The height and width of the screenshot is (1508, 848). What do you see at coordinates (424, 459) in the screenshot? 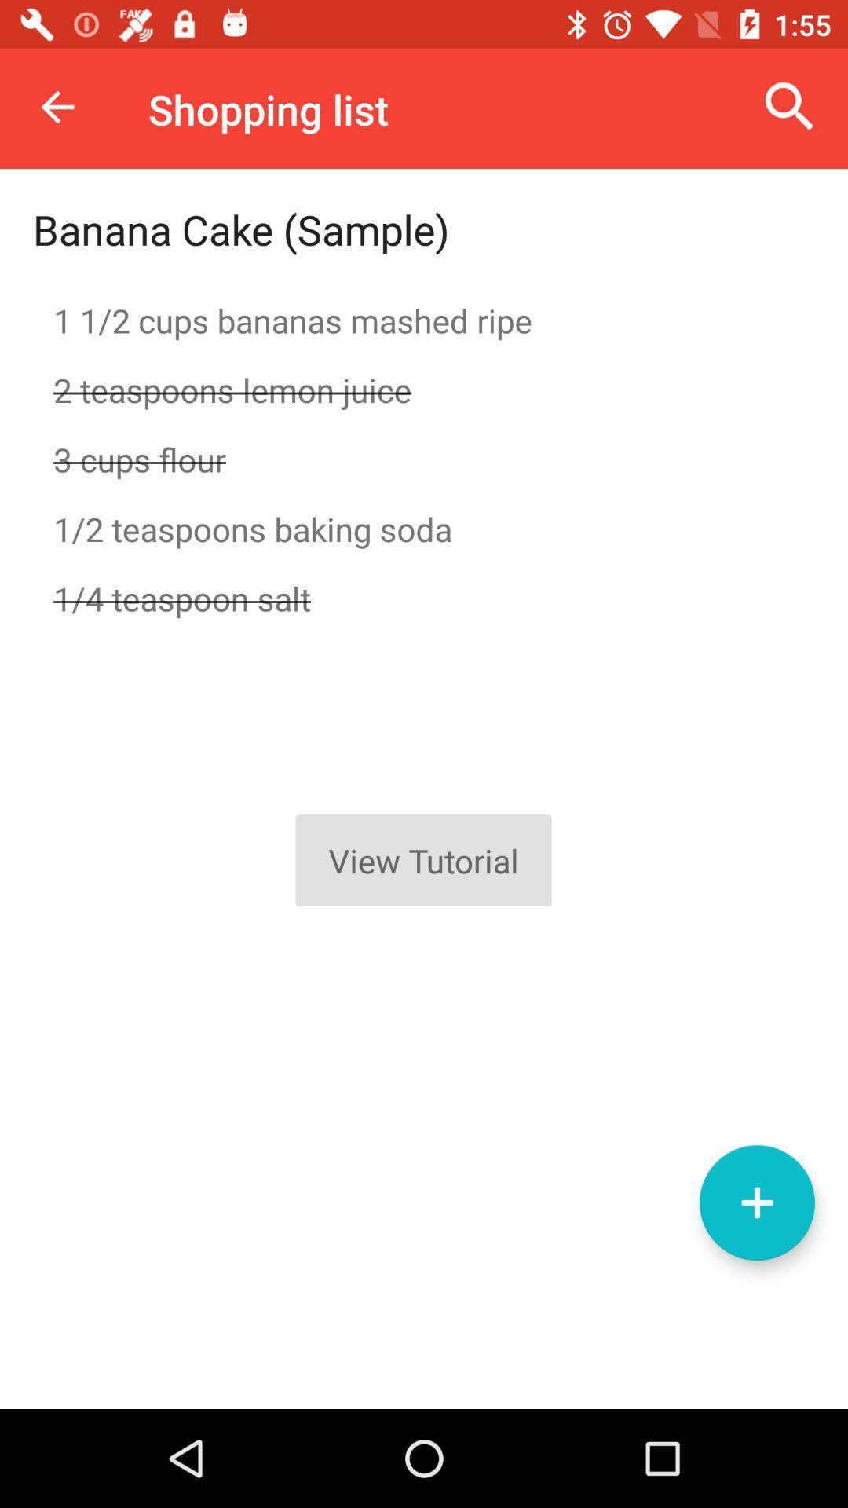
I see `3 cups flour icon` at bounding box center [424, 459].